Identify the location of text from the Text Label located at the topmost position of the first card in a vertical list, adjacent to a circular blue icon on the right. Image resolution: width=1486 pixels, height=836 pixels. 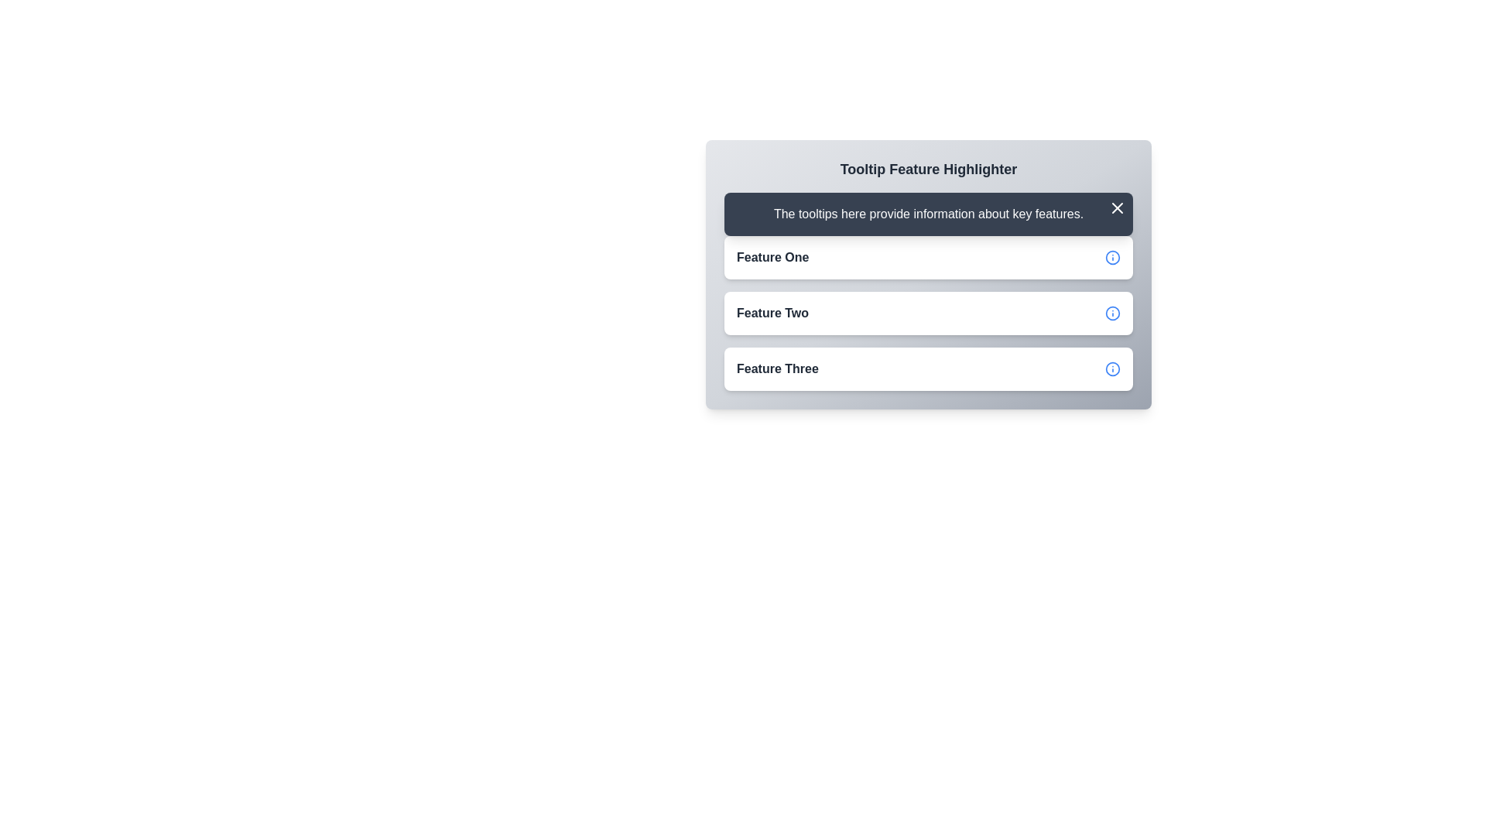
(772, 256).